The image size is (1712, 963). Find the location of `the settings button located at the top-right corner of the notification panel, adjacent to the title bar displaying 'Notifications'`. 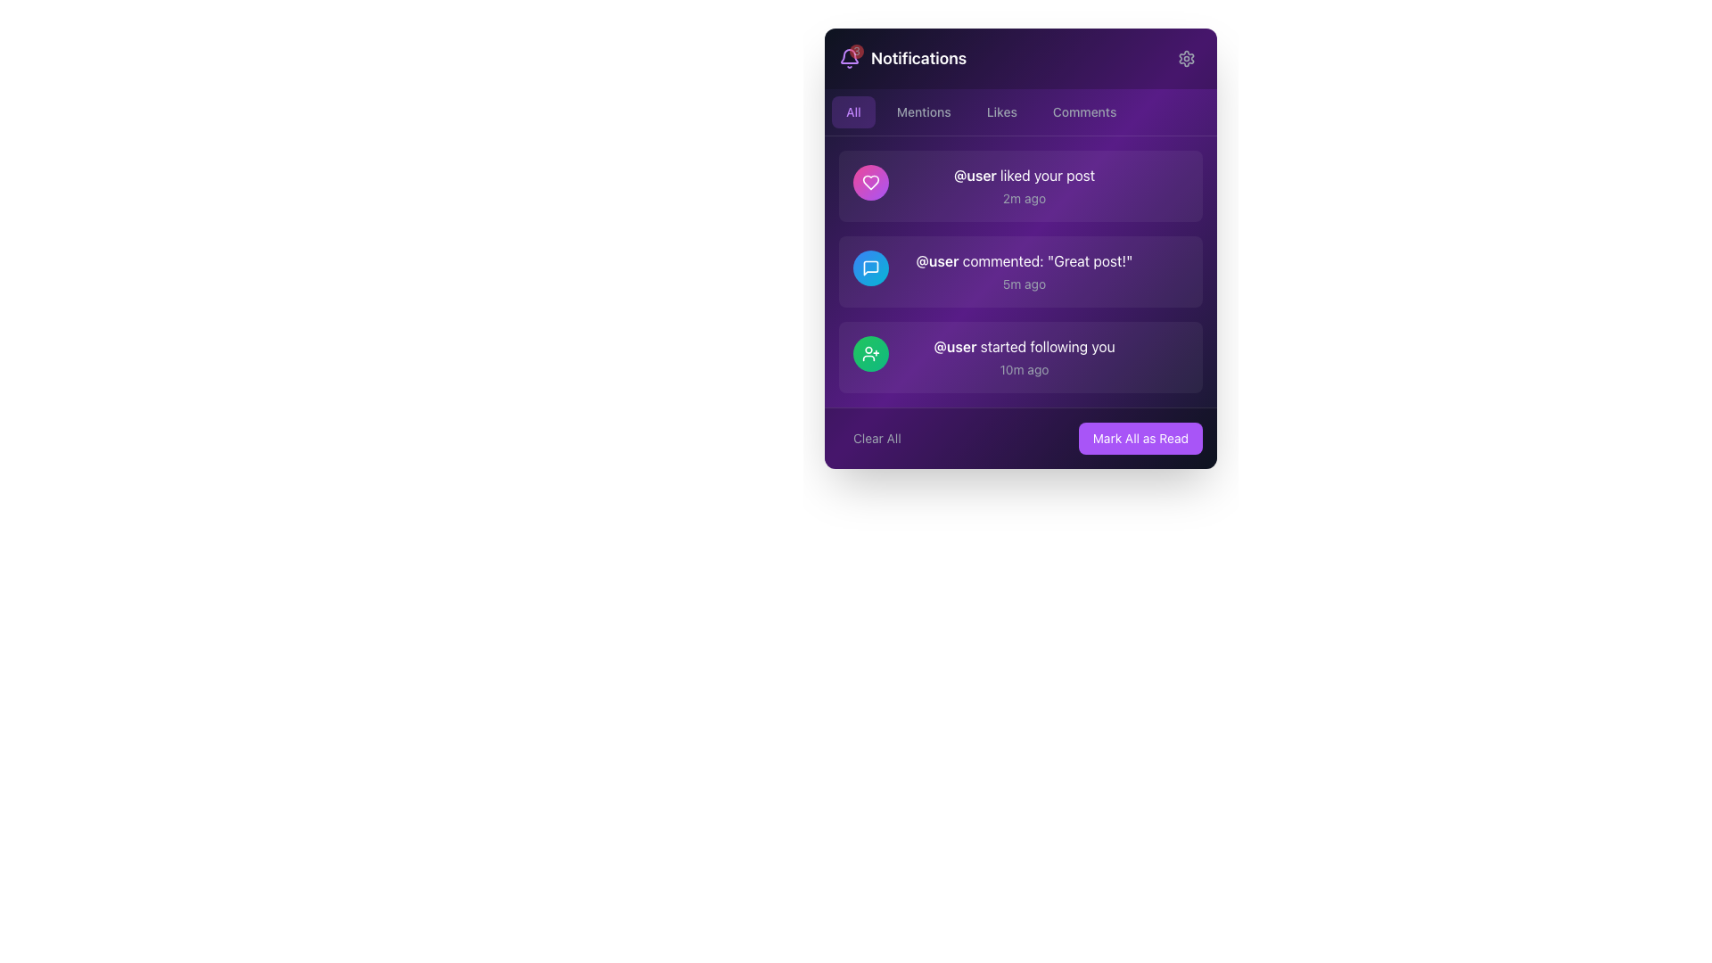

the settings button located at the top-right corner of the notification panel, adjacent to the title bar displaying 'Notifications' is located at coordinates (1186, 57).